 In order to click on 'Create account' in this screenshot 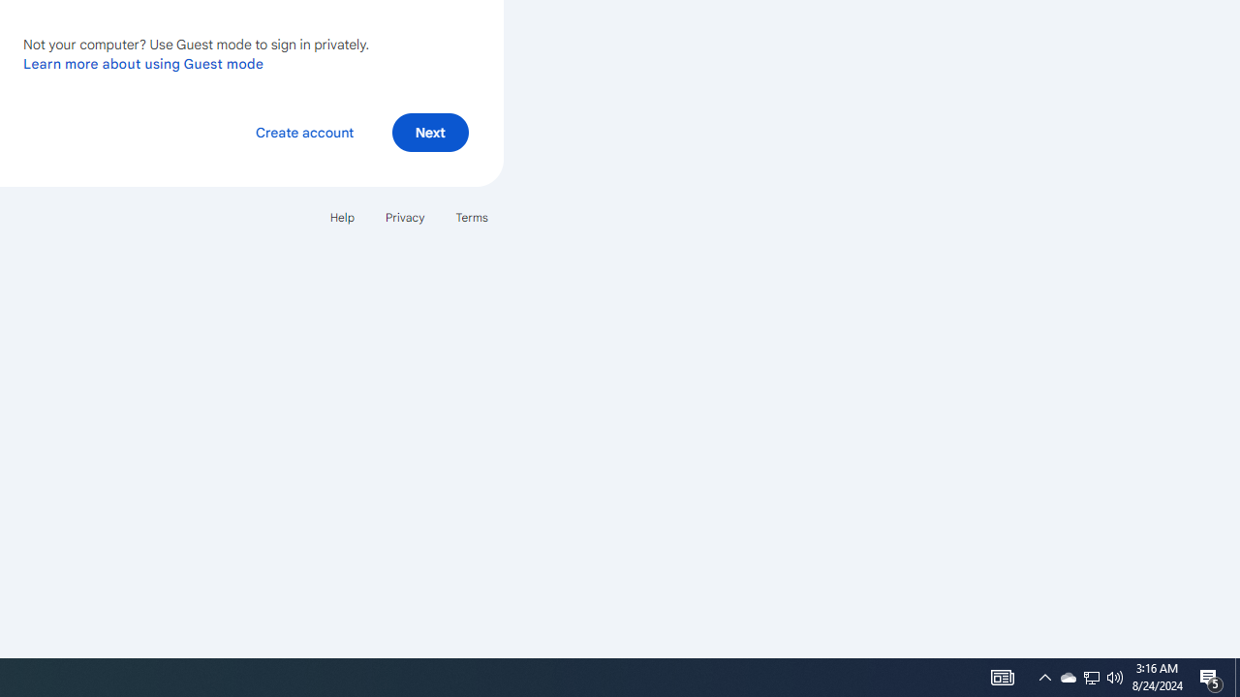, I will do `click(303, 131)`.